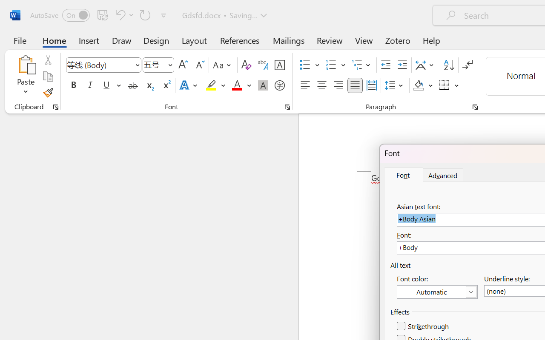 Image resolution: width=545 pixels, height=340 pixels. Describe the element at coordinates (423, 85) in the screenshot. I see `'Shading'` at that location.